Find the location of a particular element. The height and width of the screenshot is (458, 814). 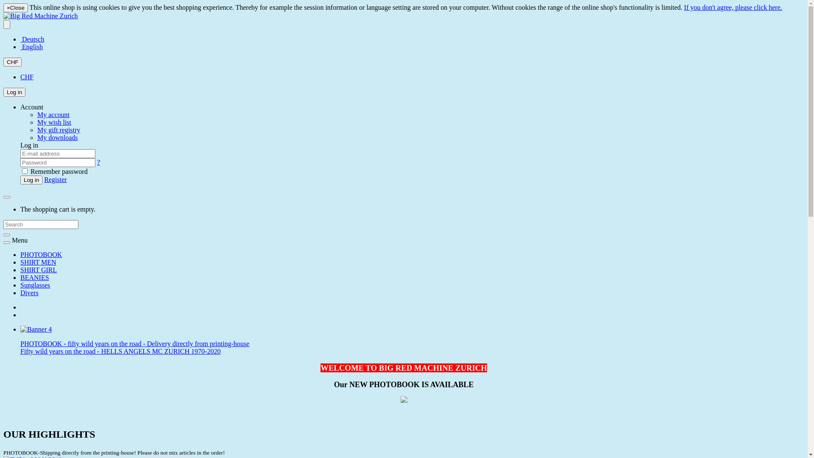

'Log in' is located at coordinates (31, 179).